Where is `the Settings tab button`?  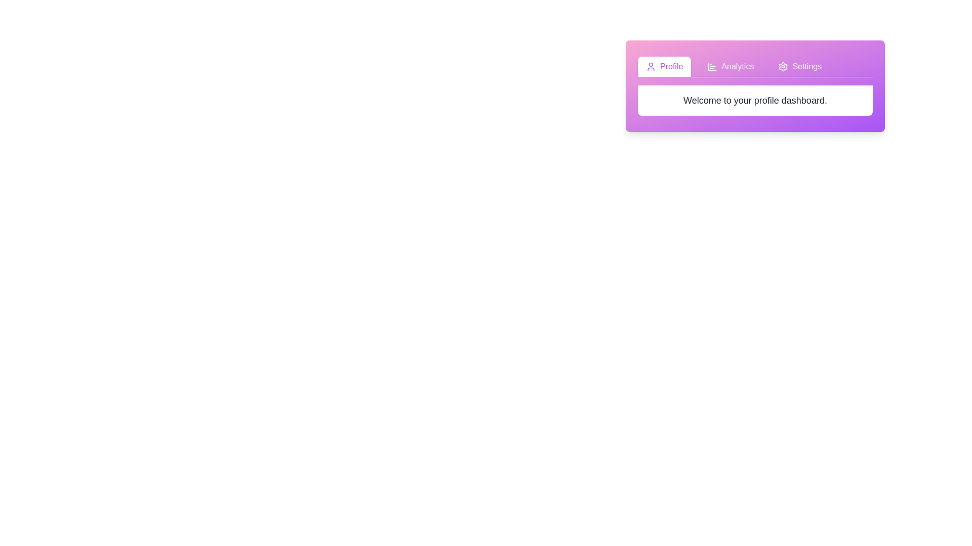 the Settings tab button is located at coordinates (799, 66).